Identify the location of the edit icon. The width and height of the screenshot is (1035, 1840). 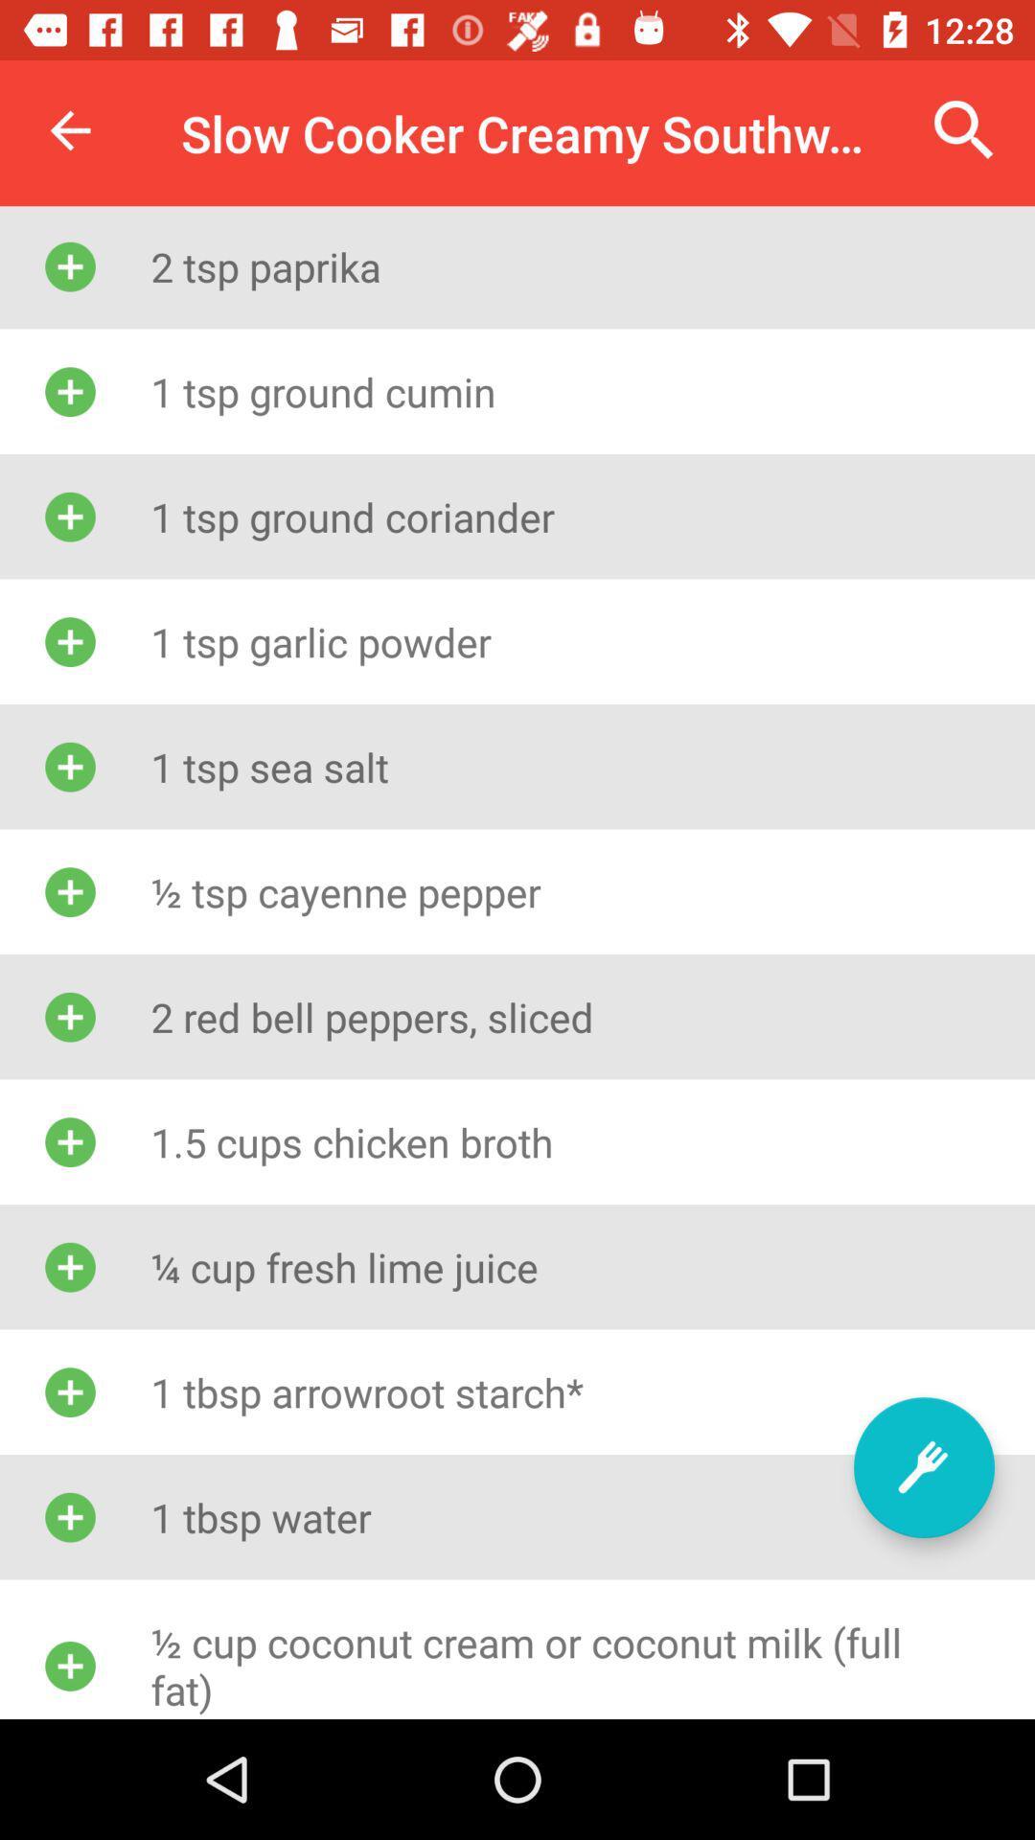
(923, 1466).